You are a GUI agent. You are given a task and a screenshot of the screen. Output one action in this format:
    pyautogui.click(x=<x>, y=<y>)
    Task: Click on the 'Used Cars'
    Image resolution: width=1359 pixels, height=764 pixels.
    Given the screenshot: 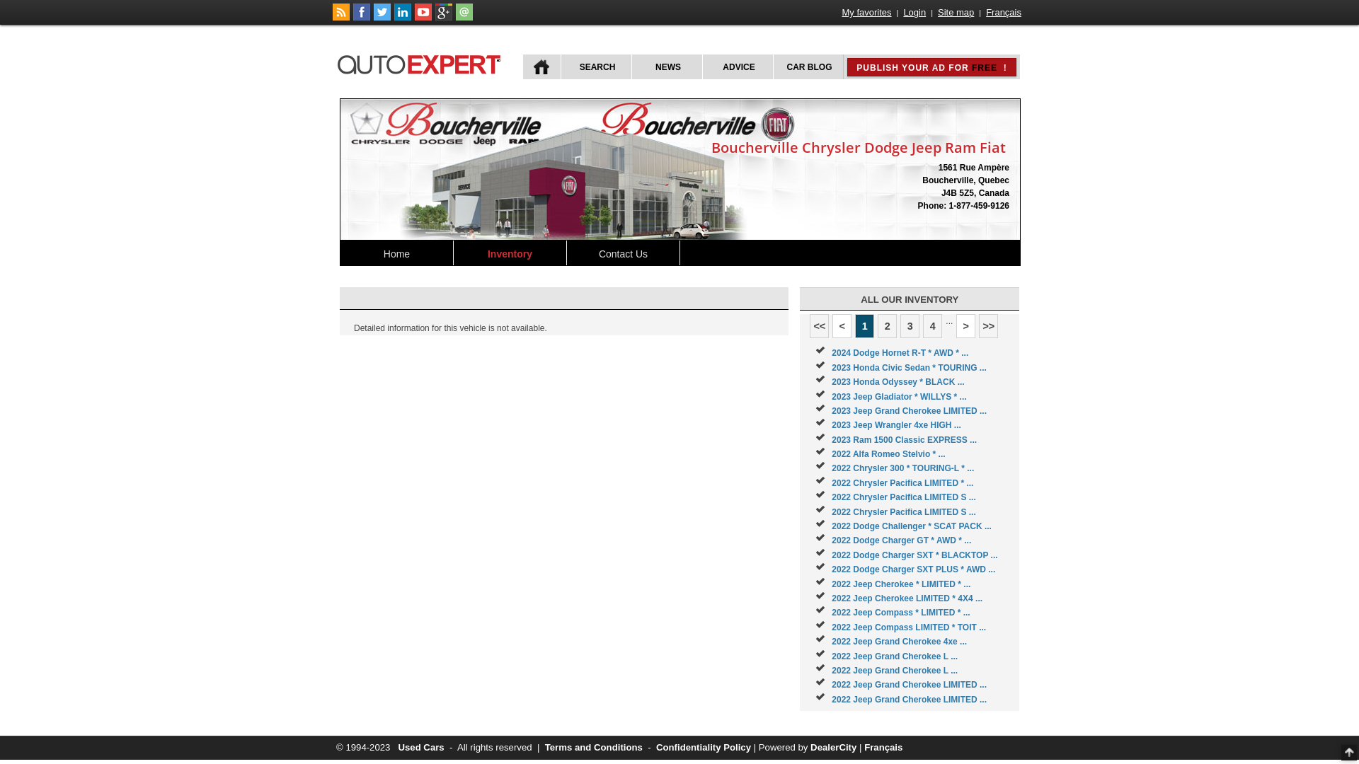 What is the action you would take?
    pyautogui.click(x=420, y=746)
    